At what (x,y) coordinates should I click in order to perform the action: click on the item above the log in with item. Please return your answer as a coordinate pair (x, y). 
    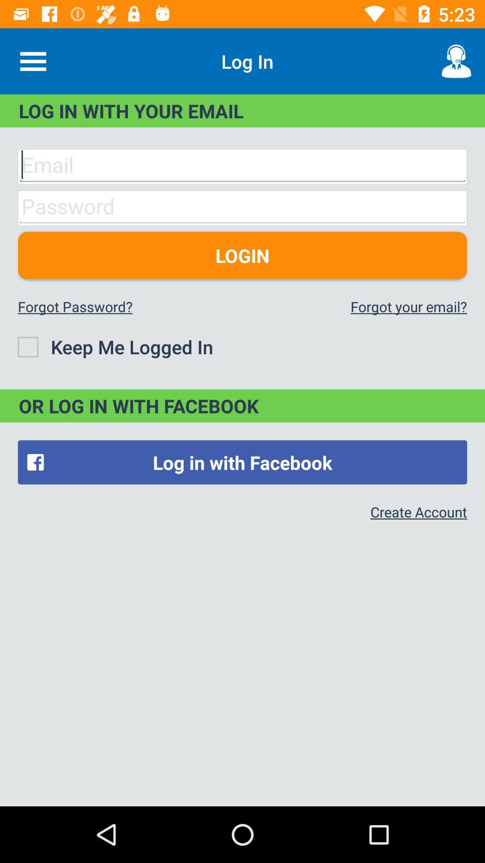
    Looking at the image, I should click on (457, 61).